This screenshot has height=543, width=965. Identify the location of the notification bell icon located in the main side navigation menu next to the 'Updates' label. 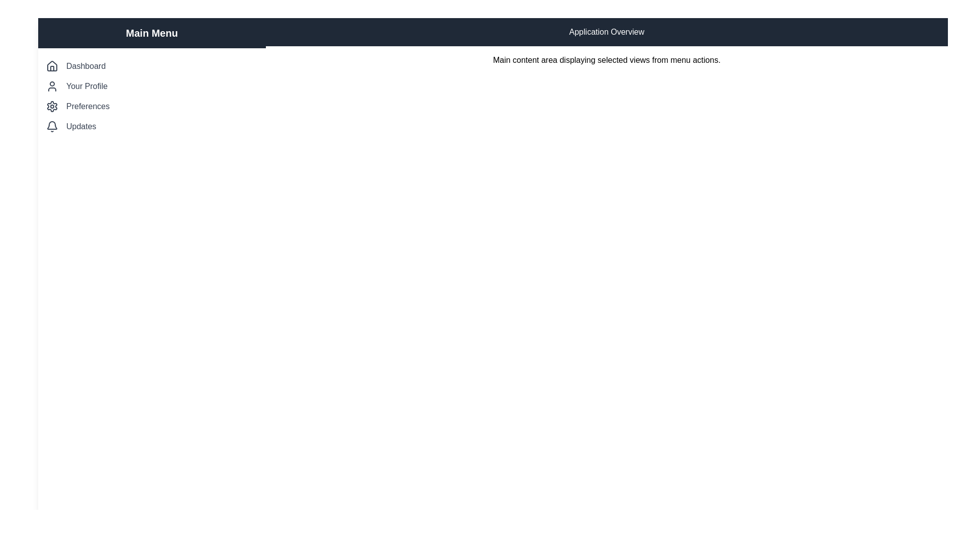
(52, 126).